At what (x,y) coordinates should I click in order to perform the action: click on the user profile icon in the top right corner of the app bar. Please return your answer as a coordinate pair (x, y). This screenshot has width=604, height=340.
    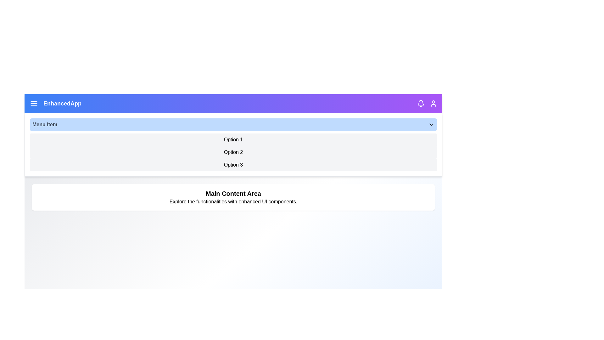
    Looking at the image, I should click on (433, 103).